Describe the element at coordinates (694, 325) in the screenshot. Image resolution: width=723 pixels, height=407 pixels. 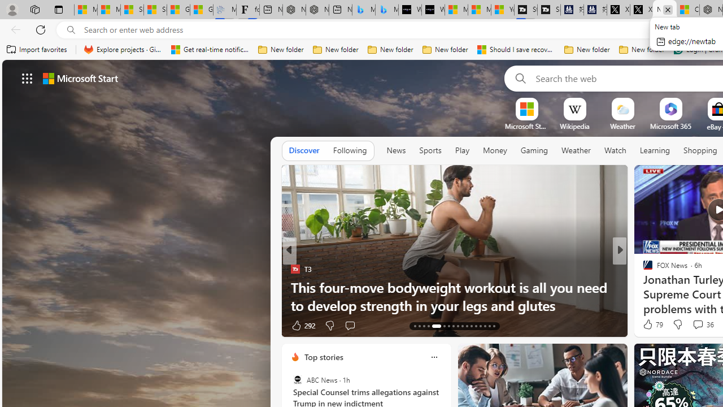
I see `'View comments 1 Comment'` at that location.